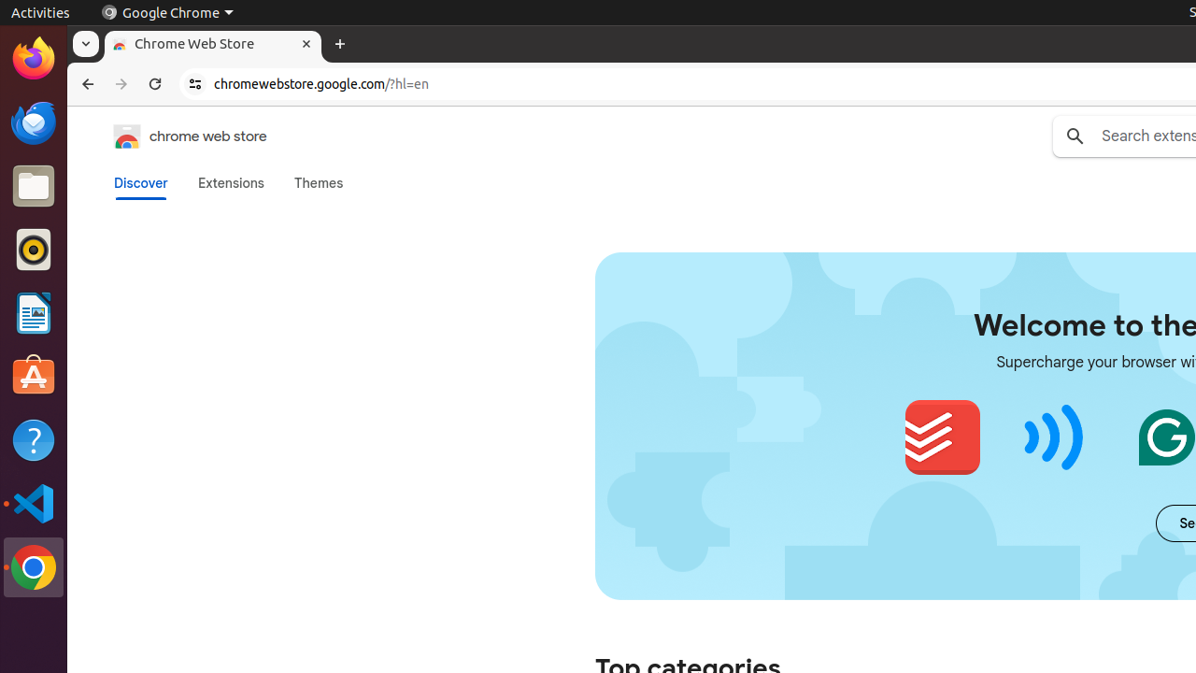  What do you see at coordinates (33, 440) in the screenshot?
I see `'Help'` at bounding box center [33, 440].